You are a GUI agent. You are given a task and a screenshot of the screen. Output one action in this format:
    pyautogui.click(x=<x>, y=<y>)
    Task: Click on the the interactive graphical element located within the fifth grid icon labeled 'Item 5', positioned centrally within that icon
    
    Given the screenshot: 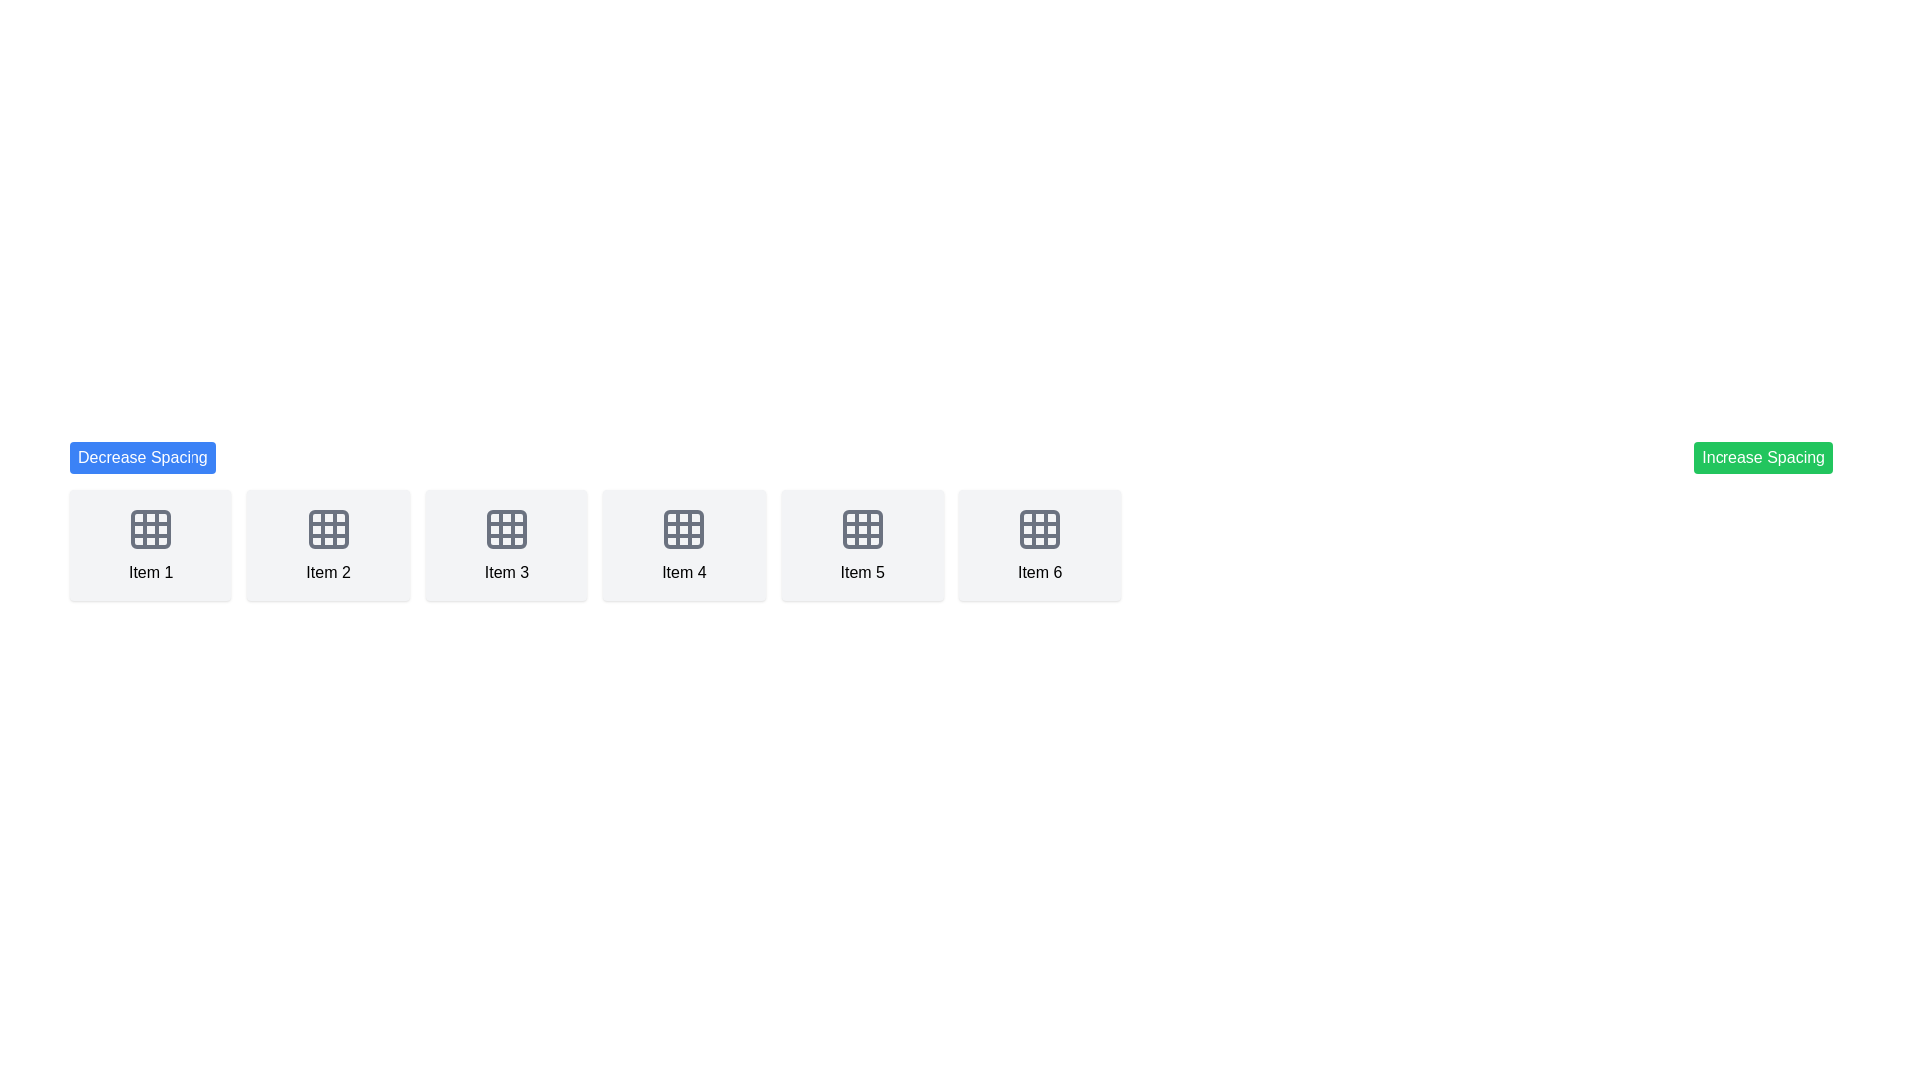 What is the action you would take?
    pyautogui.click(x=862, y=529)
    